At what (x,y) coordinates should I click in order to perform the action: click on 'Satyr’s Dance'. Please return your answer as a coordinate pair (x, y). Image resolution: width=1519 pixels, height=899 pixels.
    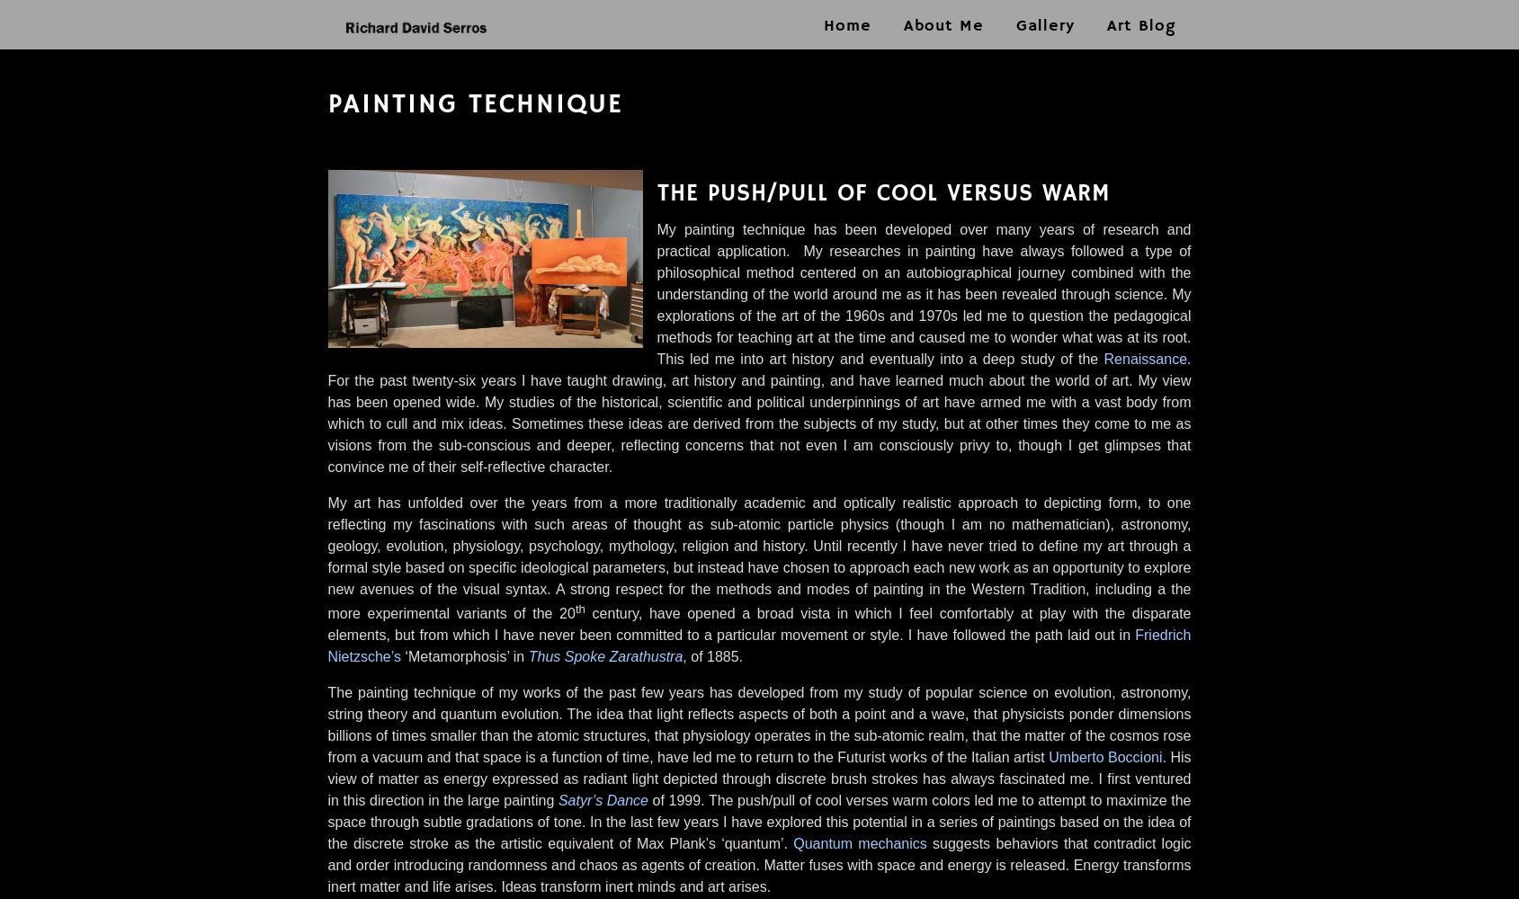
    Looking at the image, I should click on (603, 800).